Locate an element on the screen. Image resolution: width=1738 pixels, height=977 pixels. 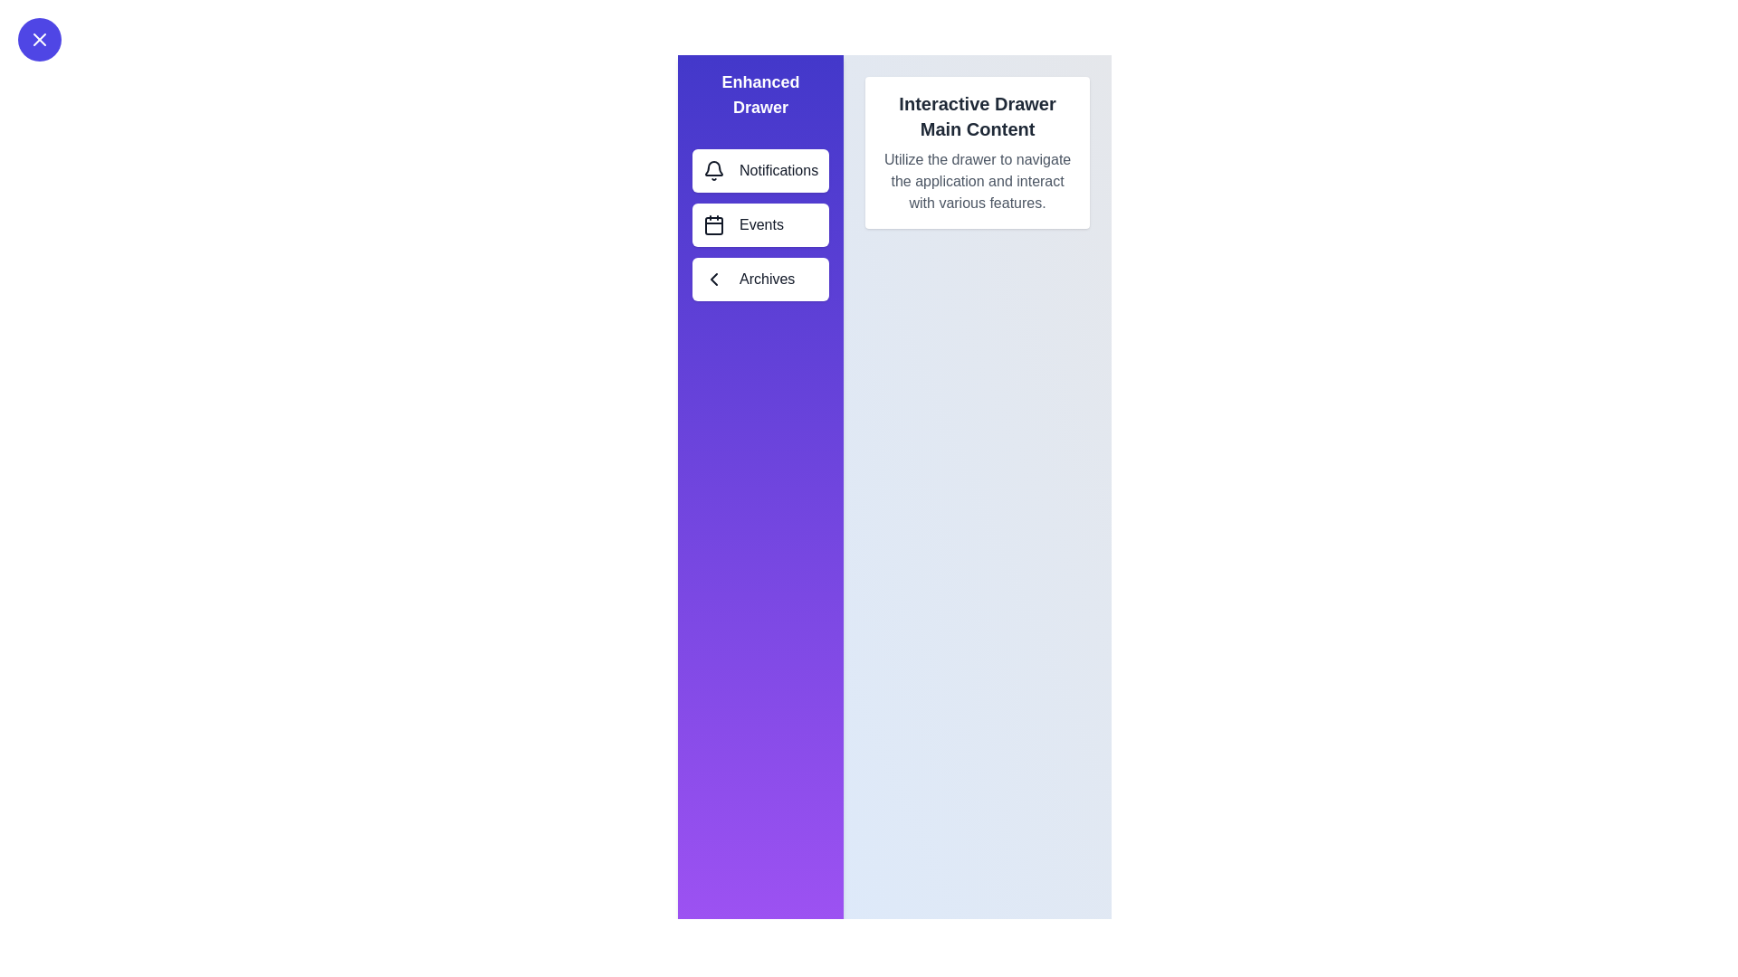
the menu item labeled Events is located at coordinates (760, 224).